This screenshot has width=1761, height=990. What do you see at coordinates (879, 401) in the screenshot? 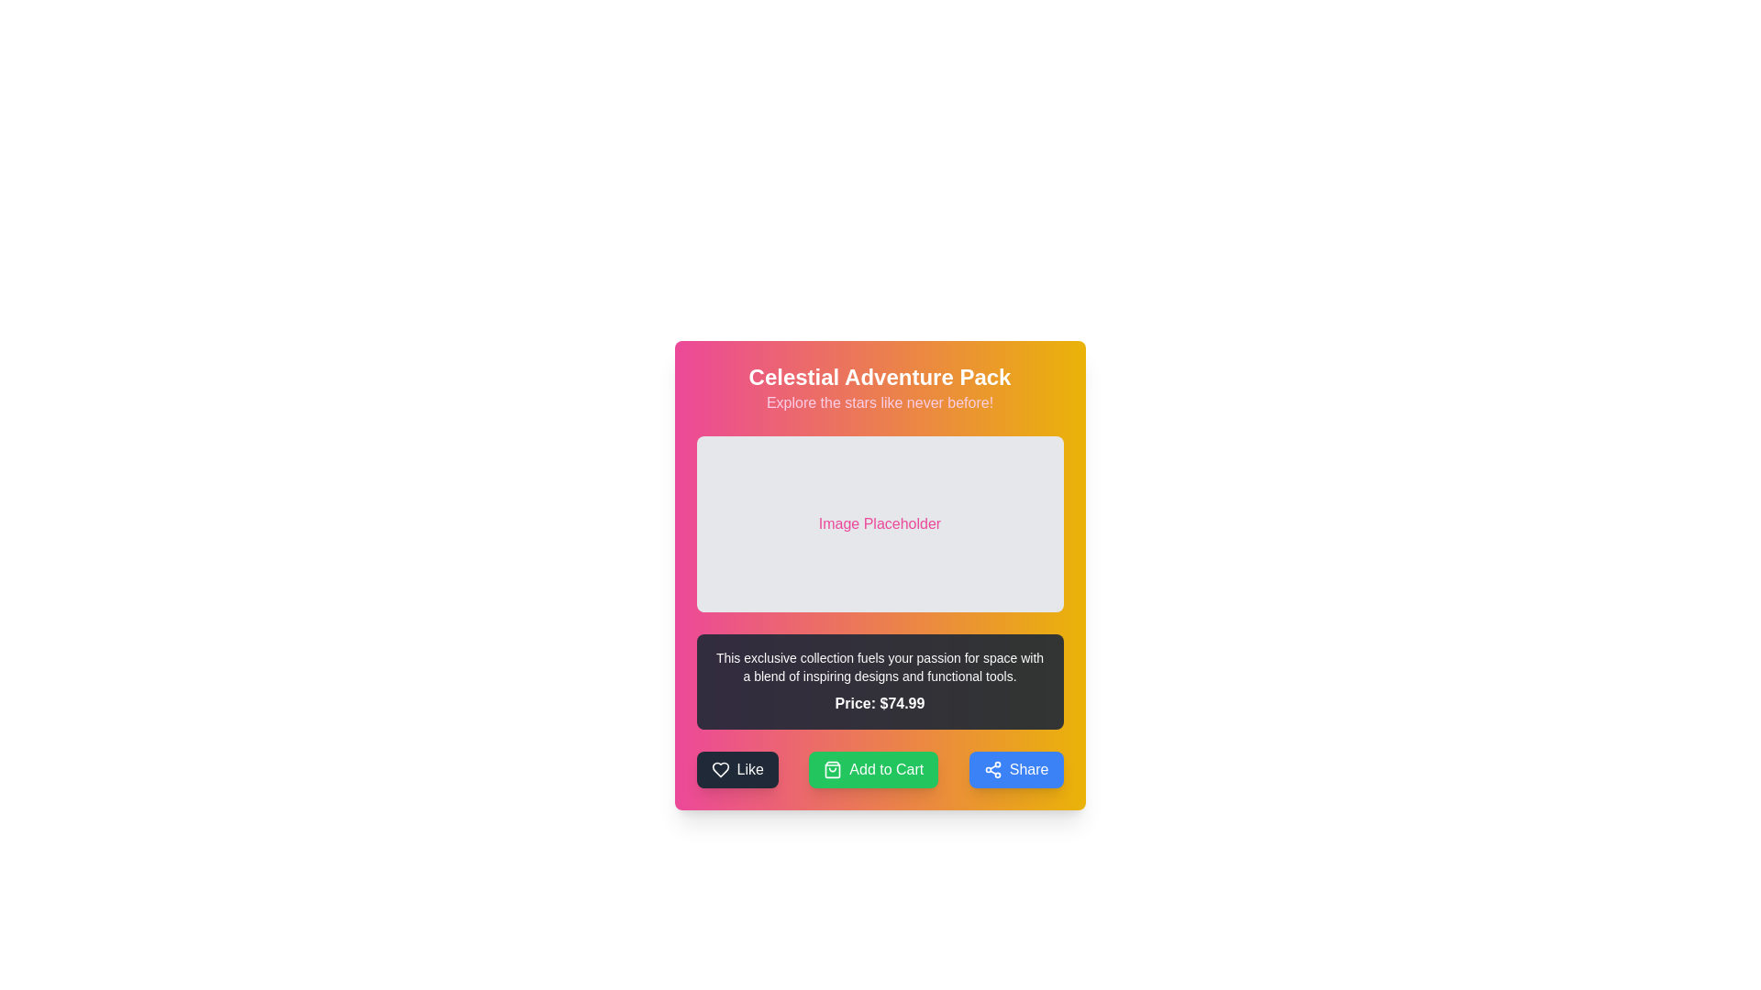
I see `the engaging description text located directly beneath the title 'Celestial Adventure Pack', which is centrally aligned in the interface` at bounding box center [879, 401].